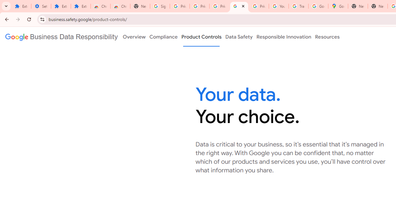 The width and height of the screenshot is (396, 222). I want to click on 'Settings', so click(41, 6).